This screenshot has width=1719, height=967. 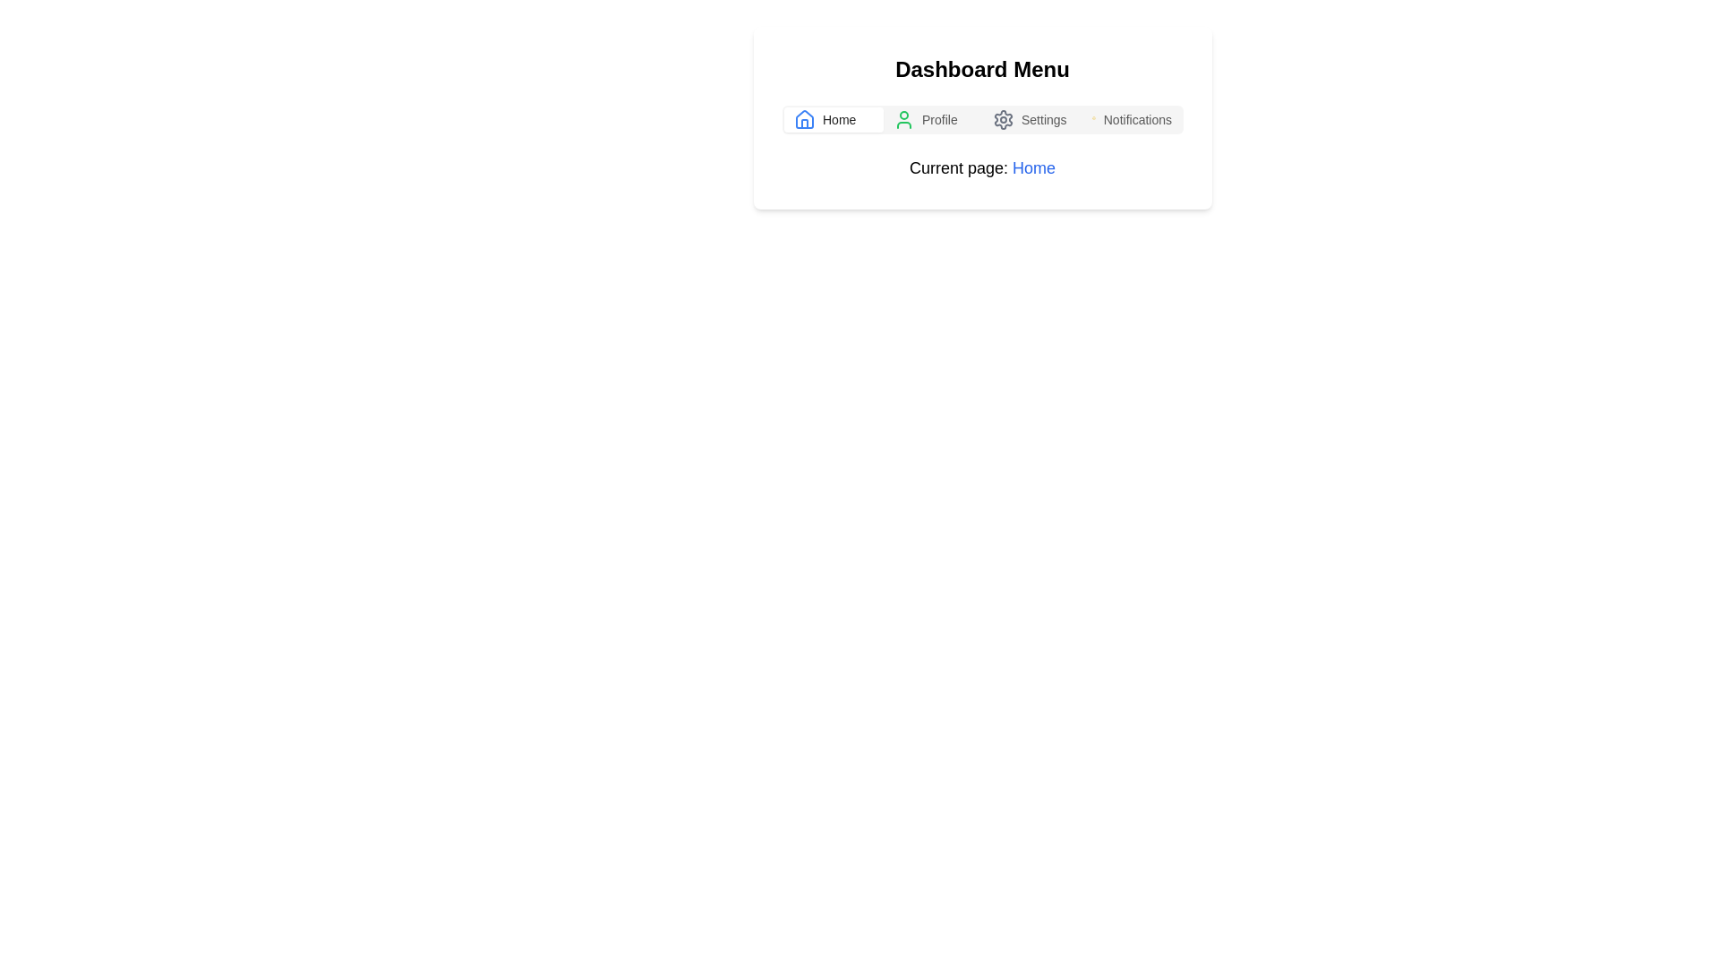 What do you see at coordinates (833, 120) in the screenshot?
I see `the 'Home' navigation tab, which is the first tab in the Dashboard Menu and visually distinct as the currently selected tab` at bounding box center [833, 120].